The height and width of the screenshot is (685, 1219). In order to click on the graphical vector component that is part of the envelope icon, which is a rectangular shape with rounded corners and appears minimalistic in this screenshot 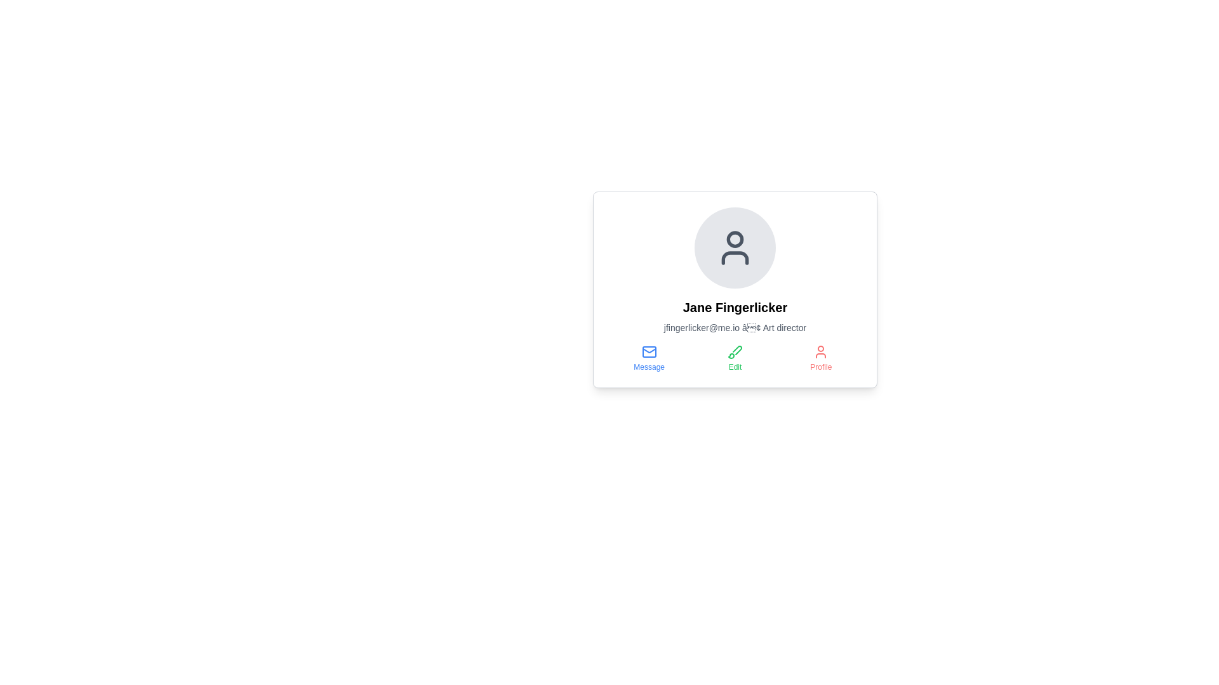, I will do `click(649, 352)`.